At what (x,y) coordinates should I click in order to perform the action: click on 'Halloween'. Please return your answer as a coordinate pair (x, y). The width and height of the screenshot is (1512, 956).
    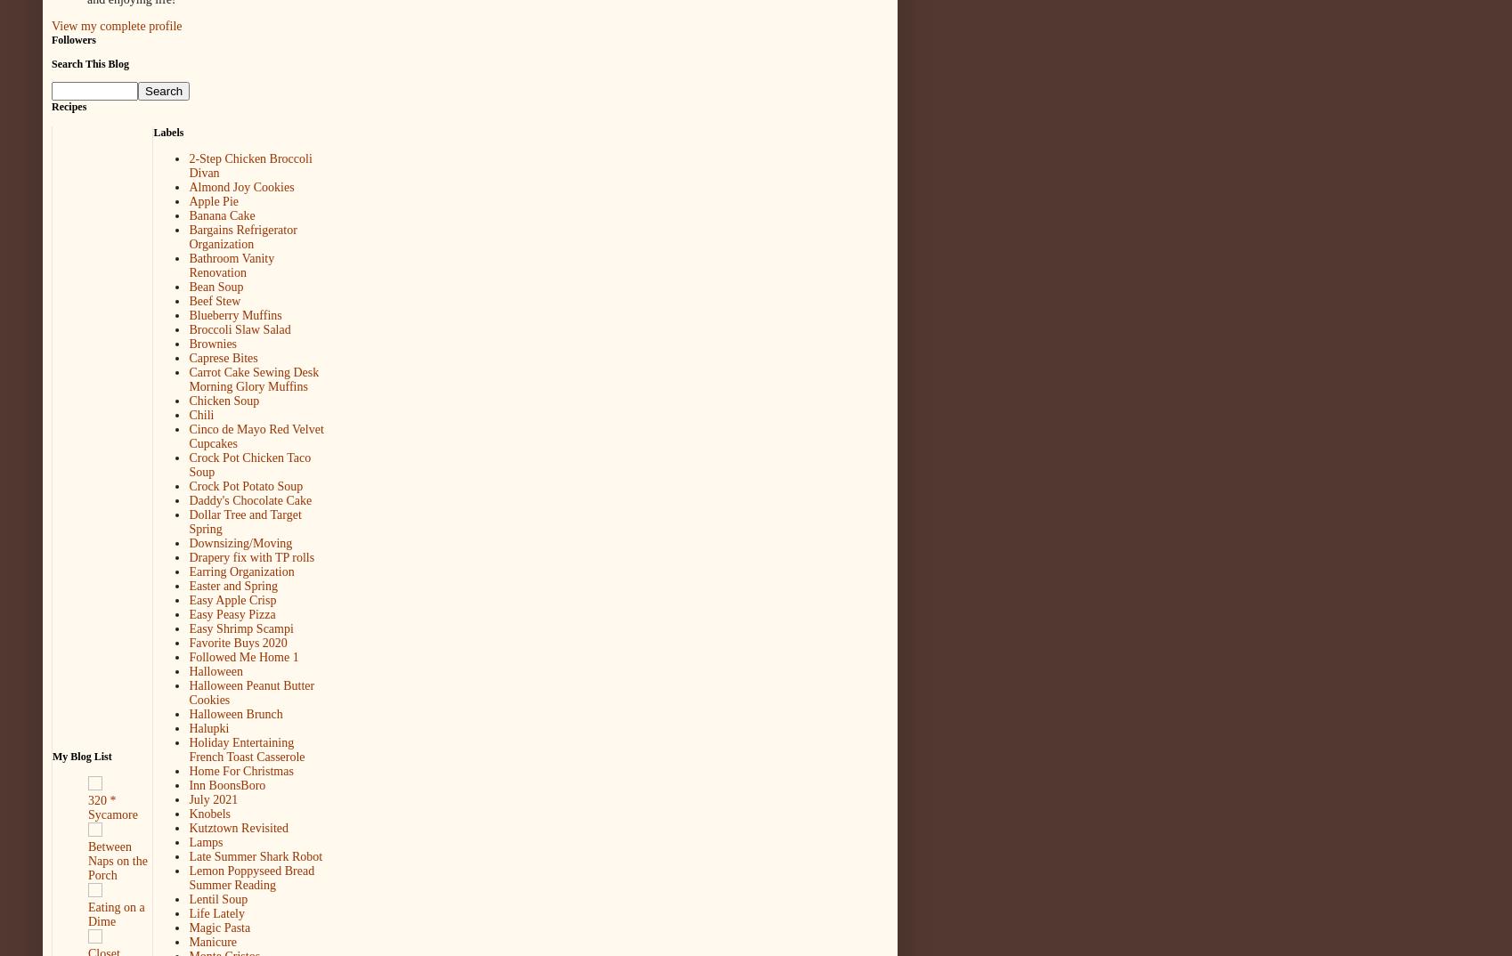
    Looking at the image, I should click on (215, 670).